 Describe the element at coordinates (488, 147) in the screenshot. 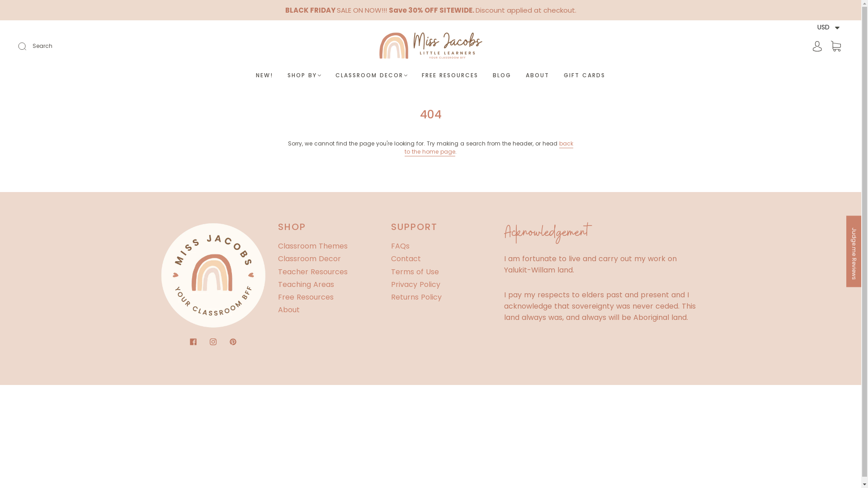

I see `'back to the home page'` at that location.